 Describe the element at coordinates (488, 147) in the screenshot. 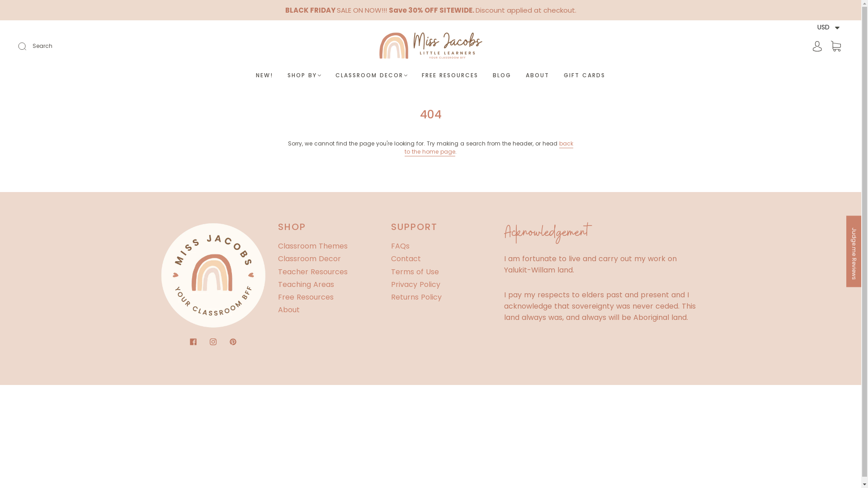

I see `'back to the home page'` at that location.